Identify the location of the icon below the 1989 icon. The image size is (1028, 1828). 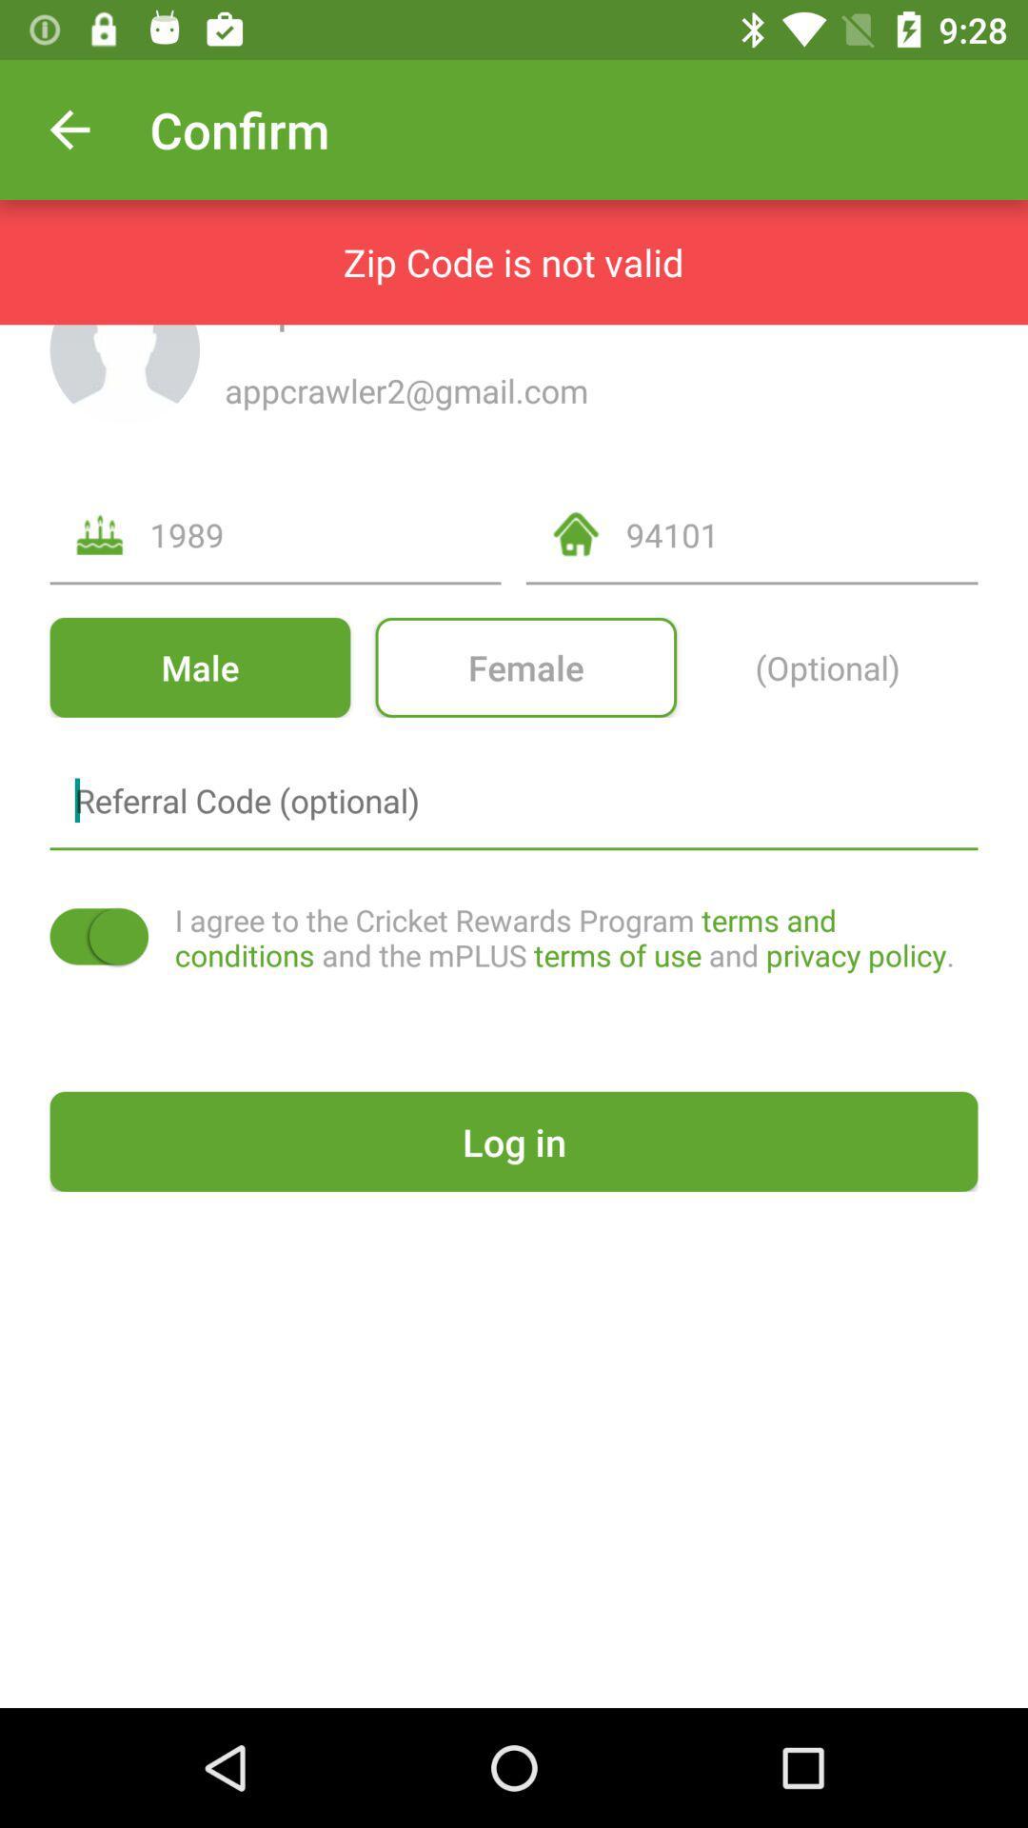
(200, 667).